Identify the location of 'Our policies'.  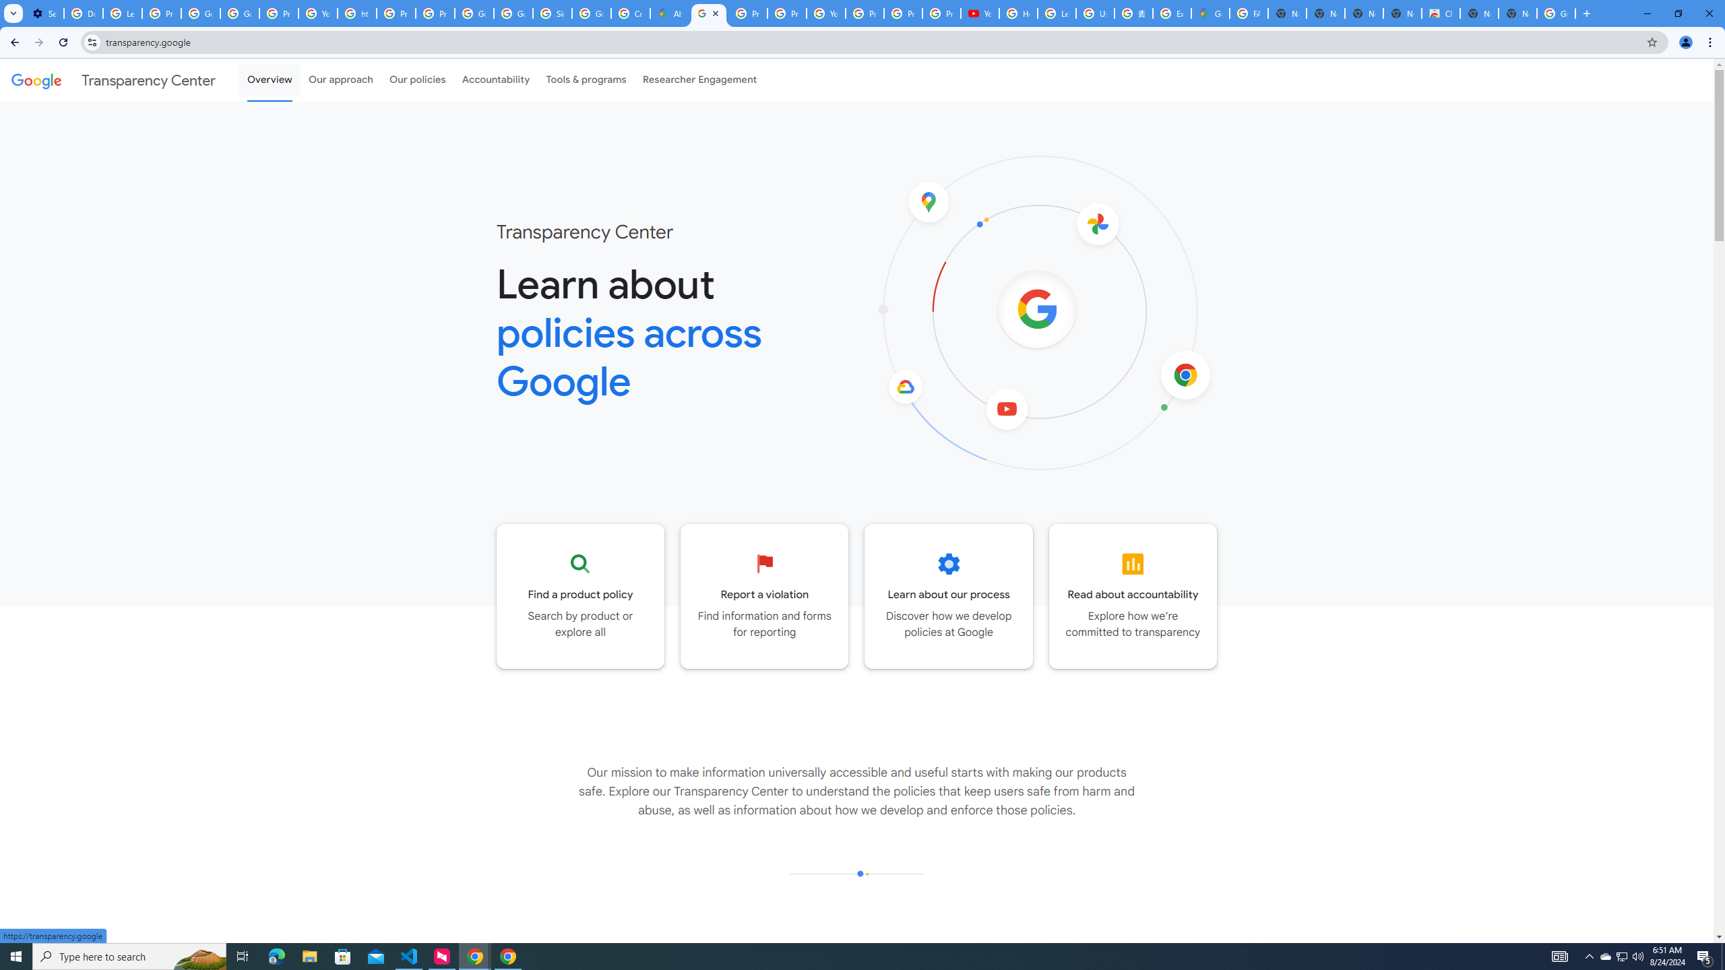
(417, 79).